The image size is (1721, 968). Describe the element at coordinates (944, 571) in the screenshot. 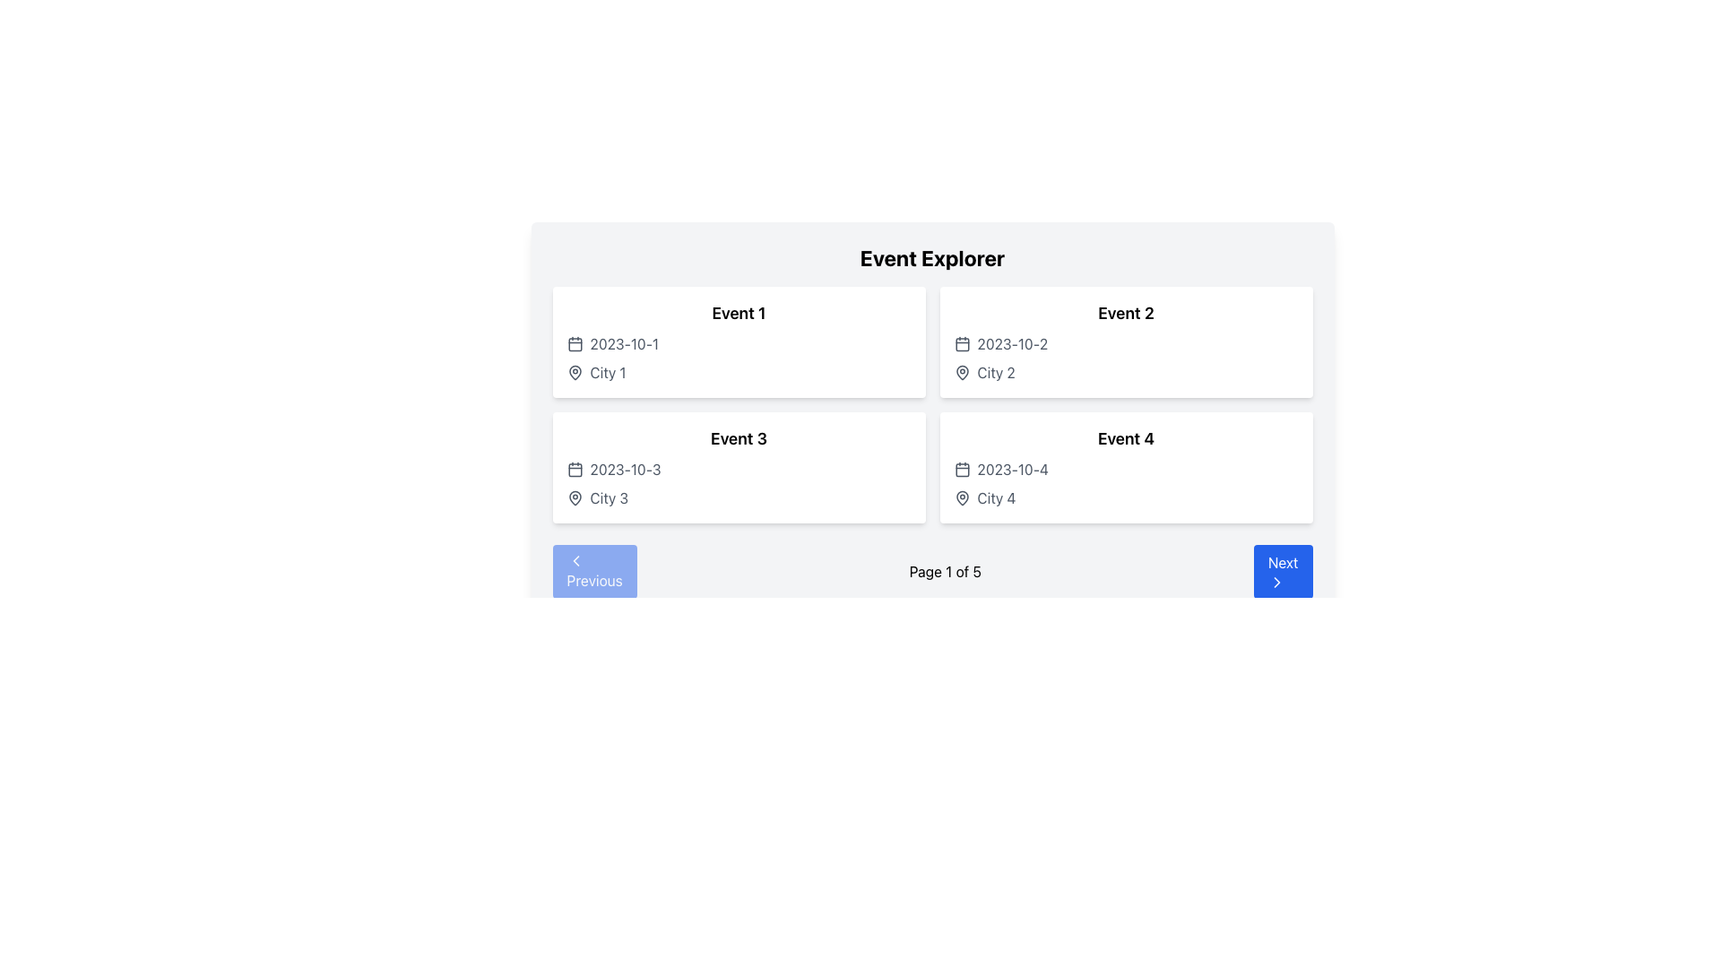

I see `the static text element displaying pagination information, located between the 'Previous' and 'Next' buttons in the navigation bar` at that location.